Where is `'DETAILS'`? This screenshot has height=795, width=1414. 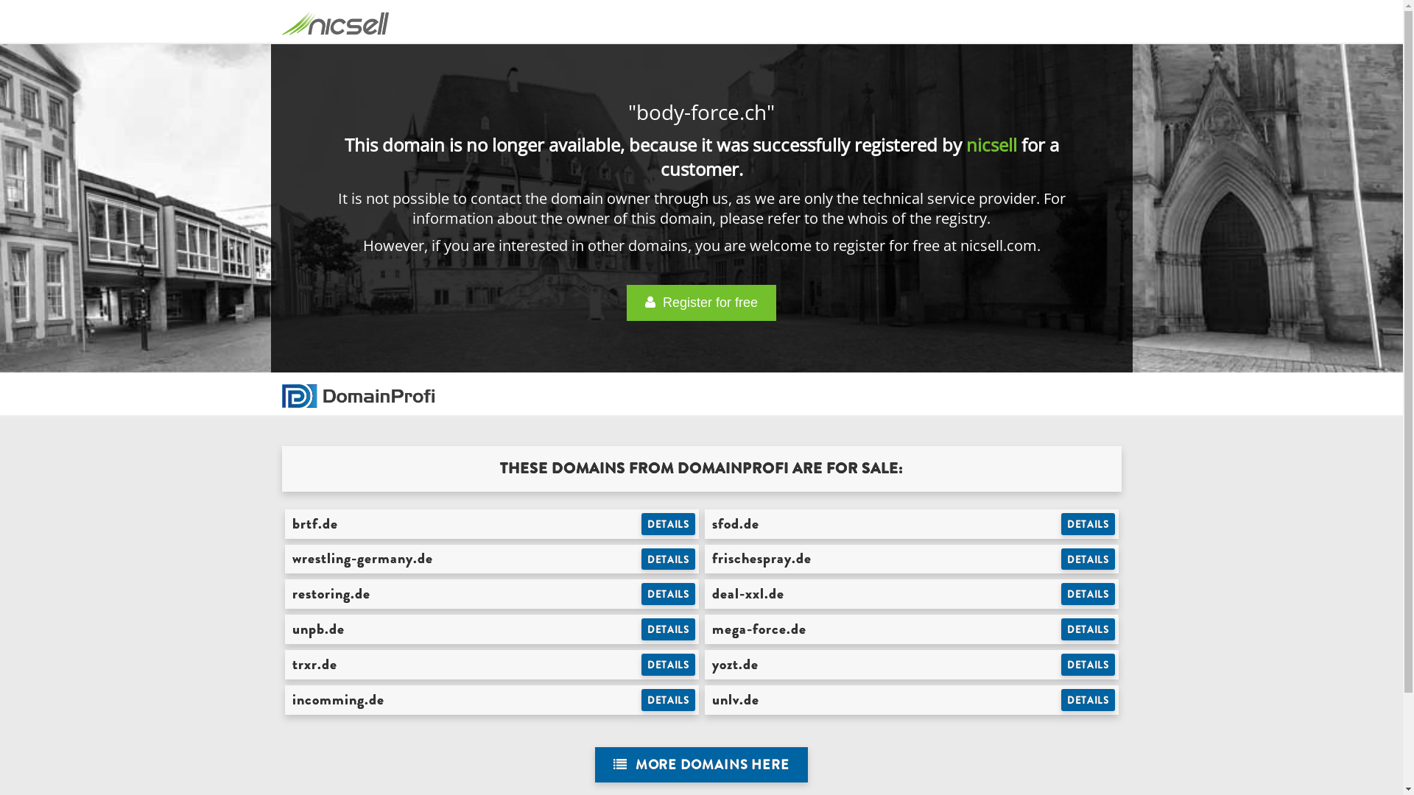 'DETAILS' is located at coordinates (1088, 593).